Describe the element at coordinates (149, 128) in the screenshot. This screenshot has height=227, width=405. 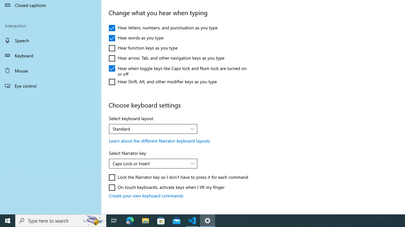
I see `'Standard'` at that location.